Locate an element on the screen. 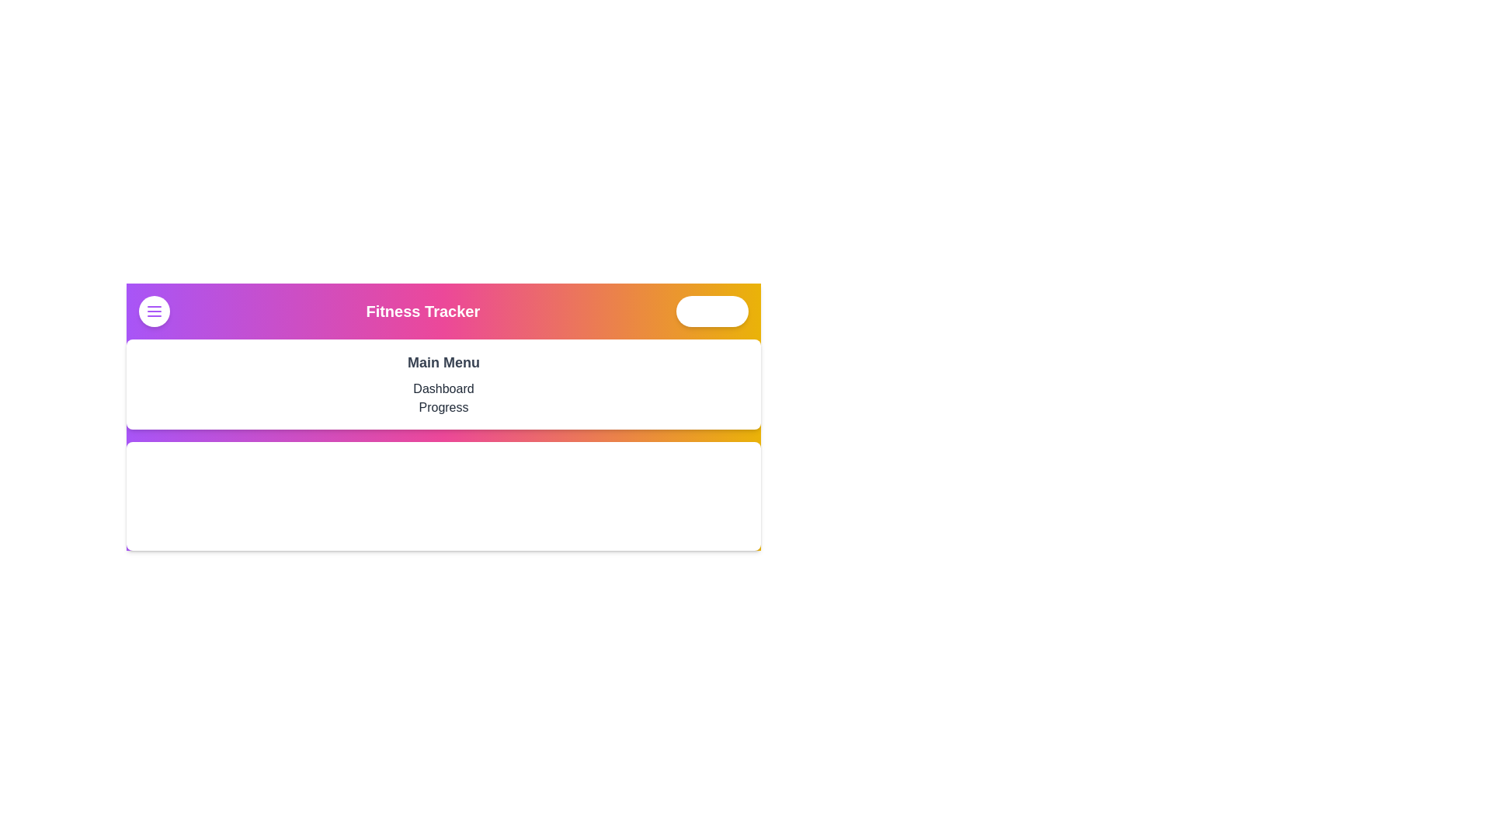 This screenshot has width=1491, height=839. the menu button to toggle the menu visibility is located at coordinates (154, 312).